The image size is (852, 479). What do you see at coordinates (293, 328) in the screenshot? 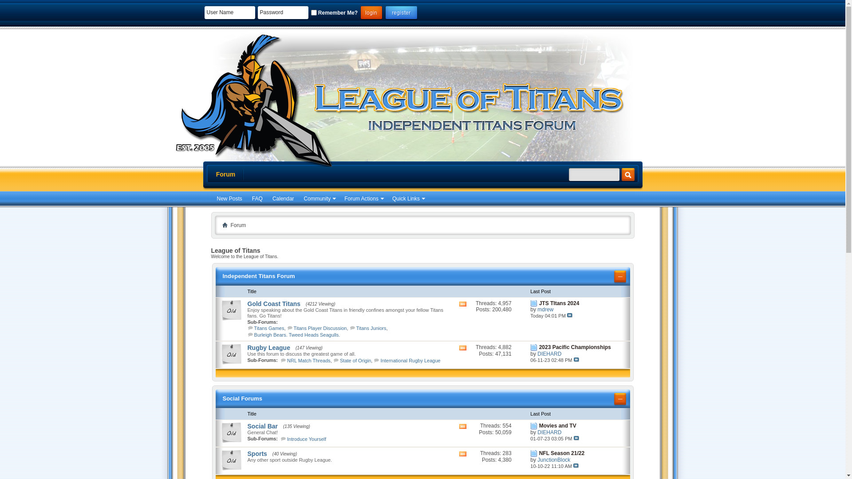
I see `'Titans Player Discussion'` at bounding box center [293, 328].